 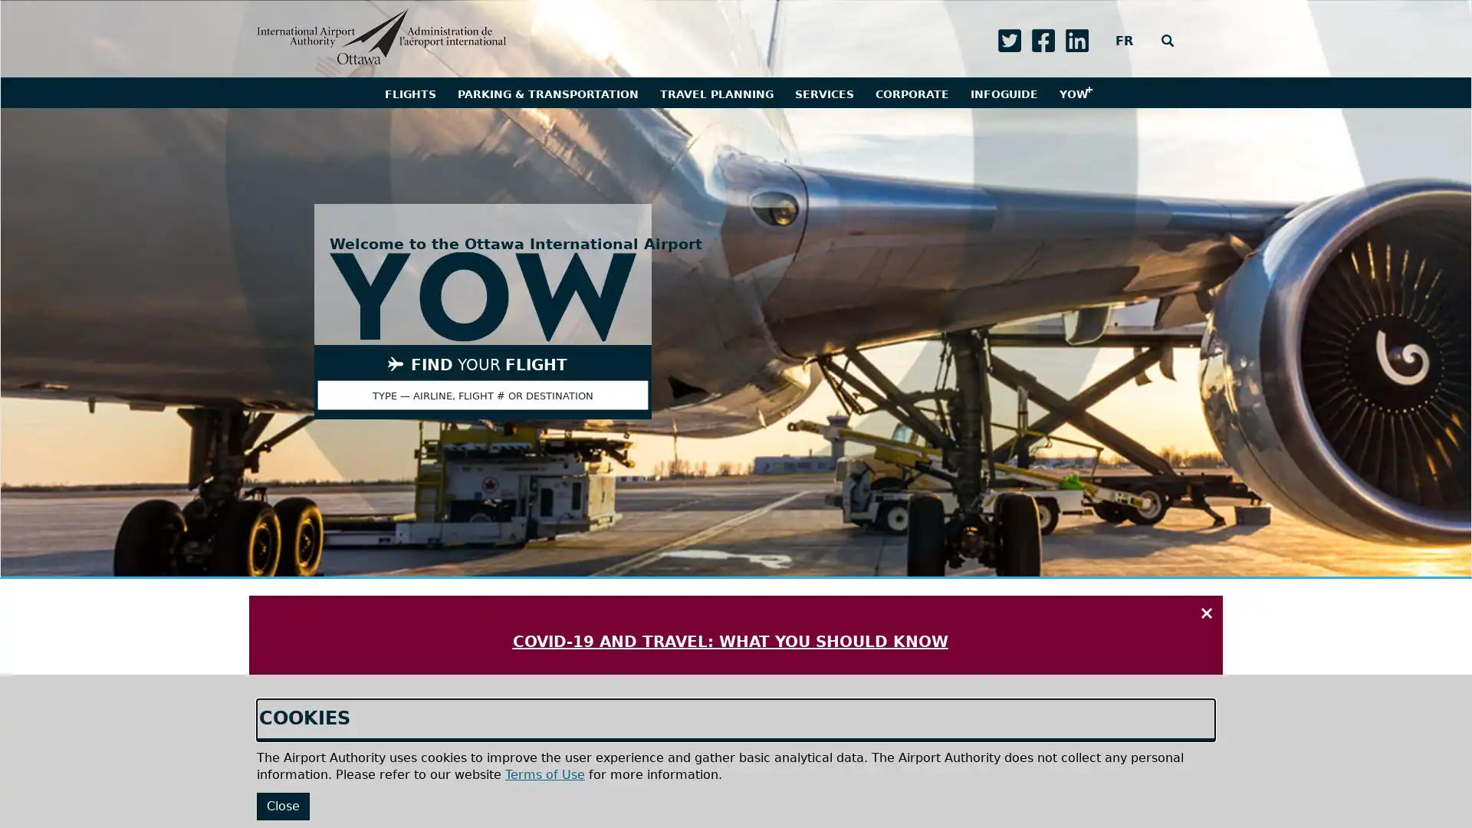 I want to click on Show Flights Sub Menu, so click(x=409, y=92).